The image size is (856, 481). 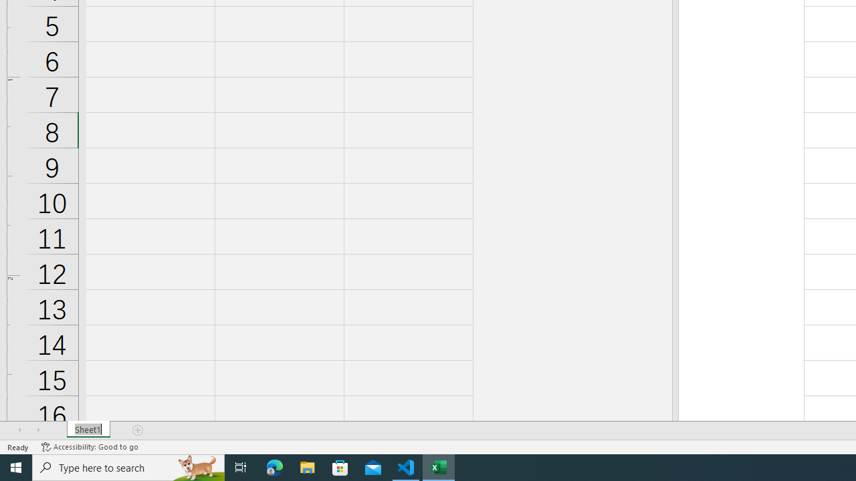 I want to click on 'Accessibility Checker Accessibility: Good to go', so click(x=89, y=447).